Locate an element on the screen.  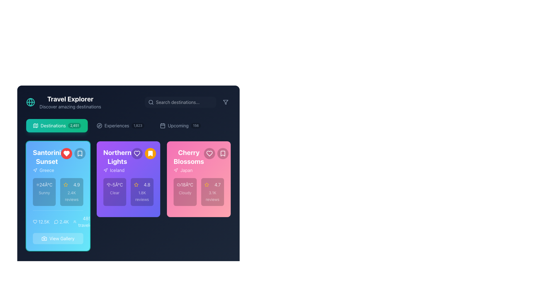
the navigation arrow icon located in the top-right portion of the 'Santorini Sunset' blue card is located at coordinates (35, 170).